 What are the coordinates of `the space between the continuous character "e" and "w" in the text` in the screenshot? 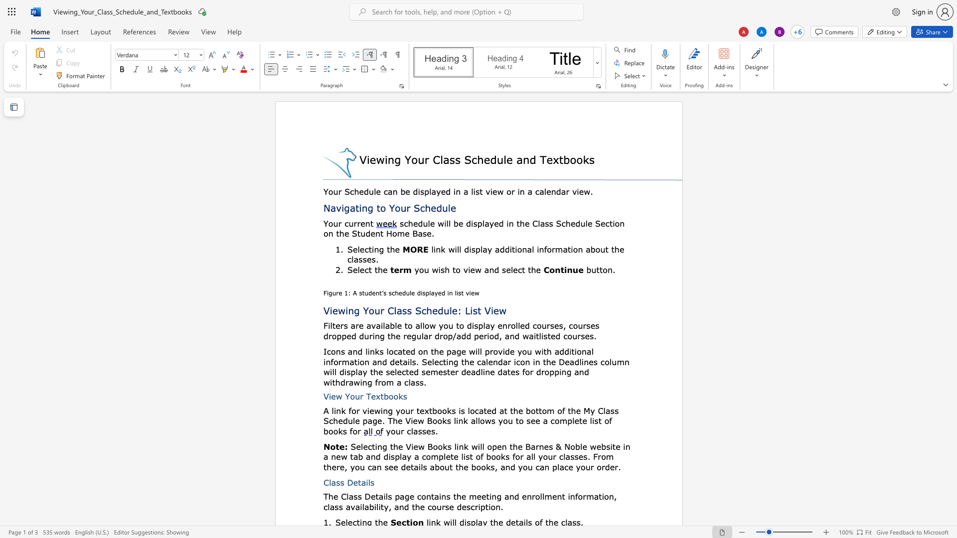 It's located at (336, 396).